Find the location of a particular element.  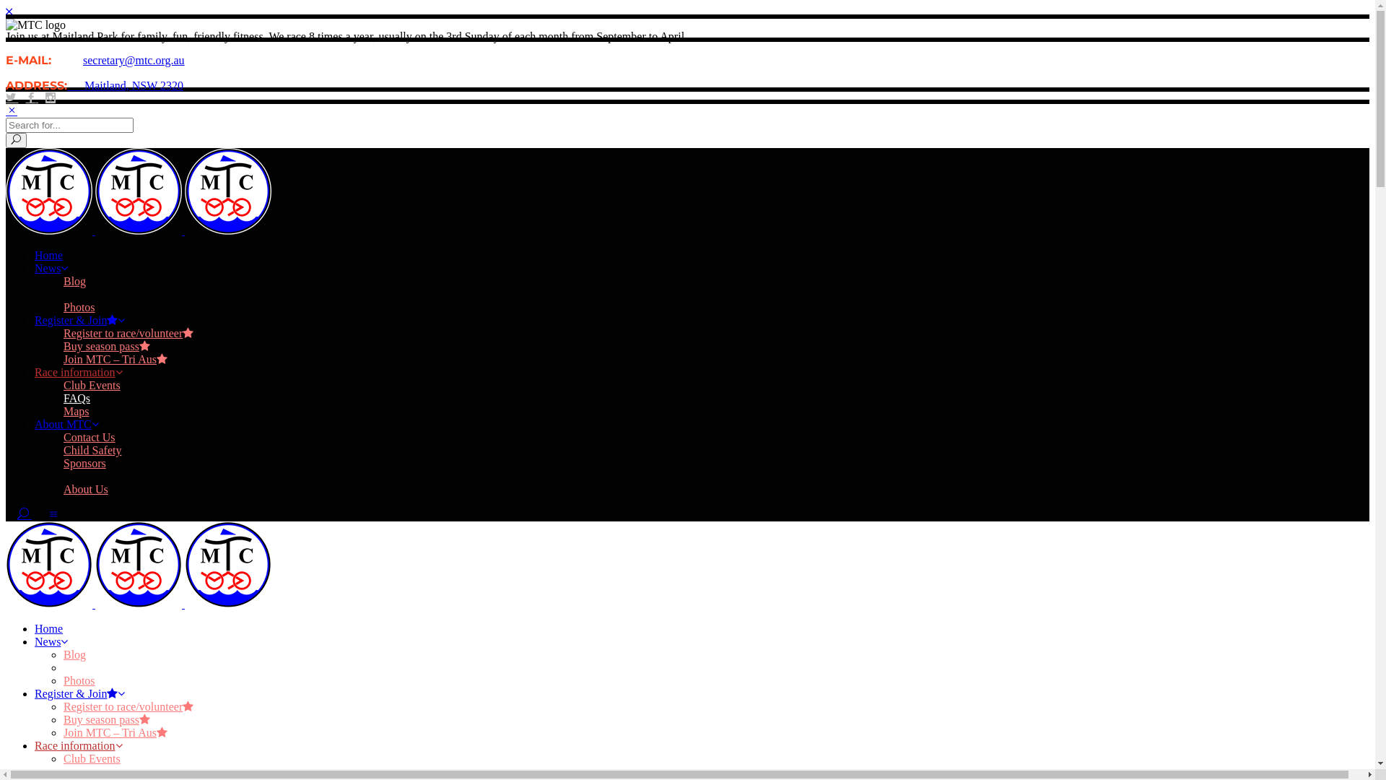

'Child Safety' is located at coordinates (62, 449).